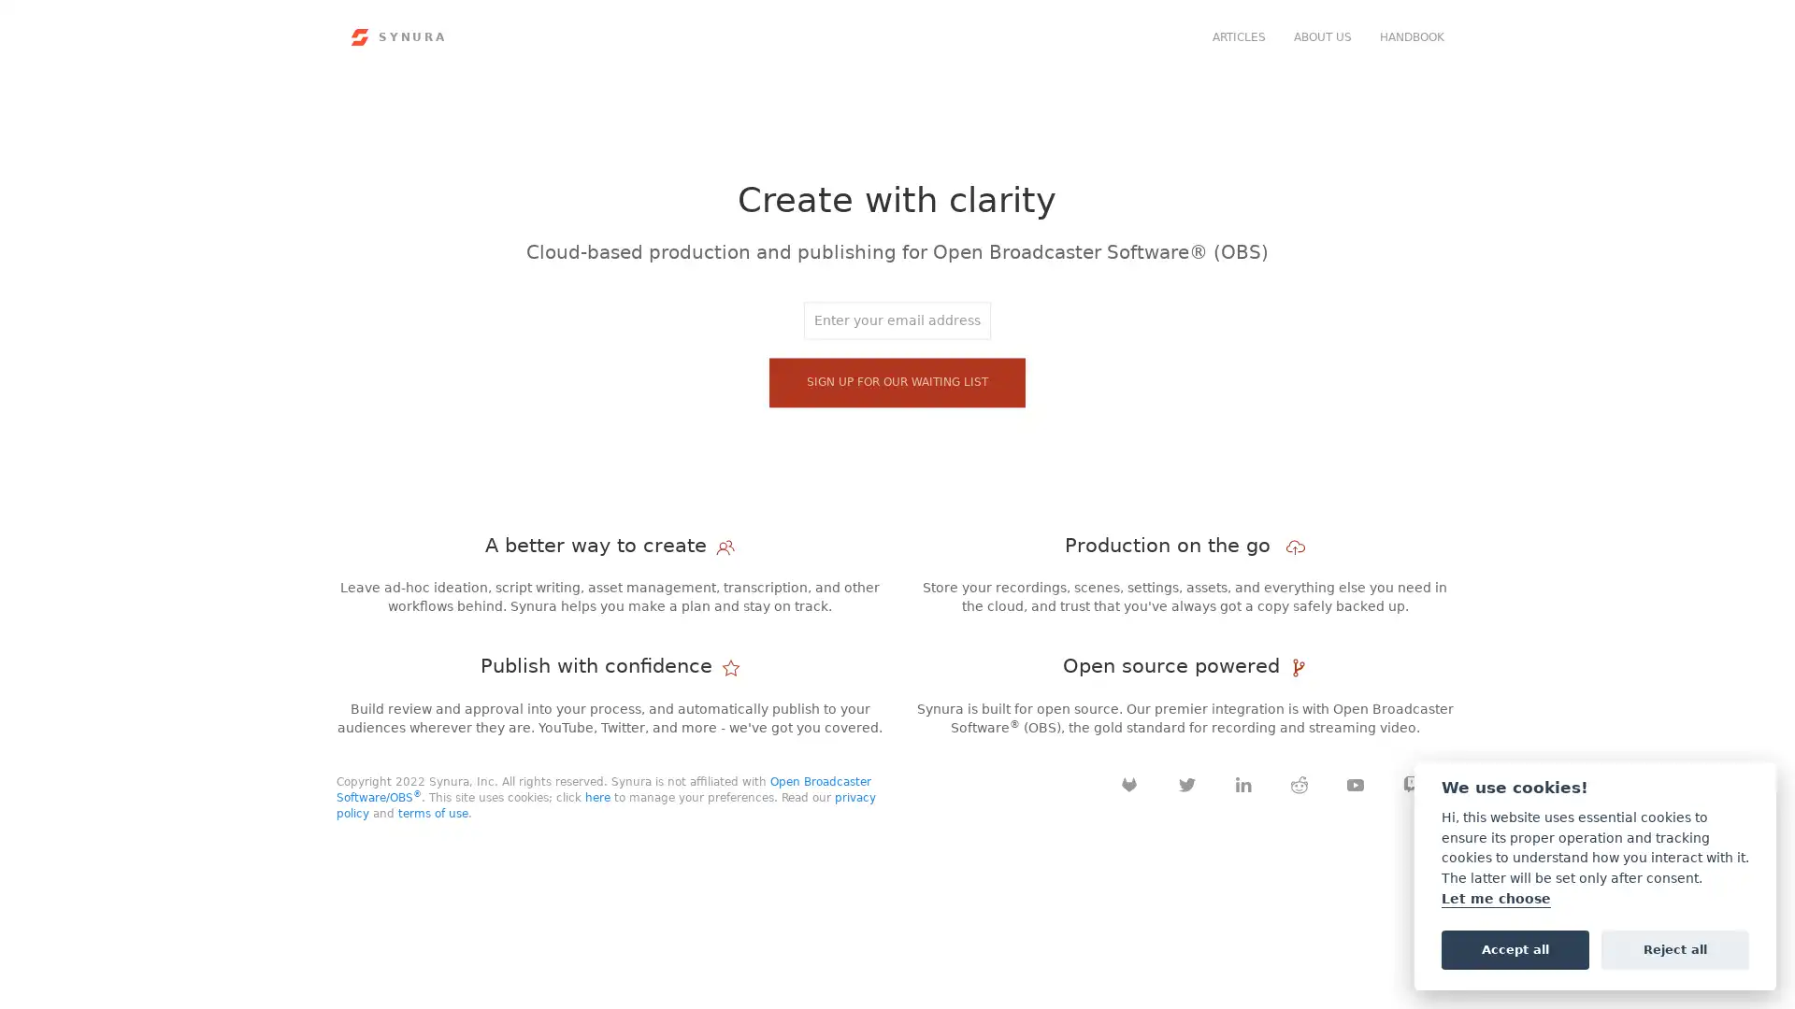 The image size is (1795, 1009). What do you see at coordinates (1515, 948) in the screenshot?
I see `Accept all` at bounding box center [1515, 948].